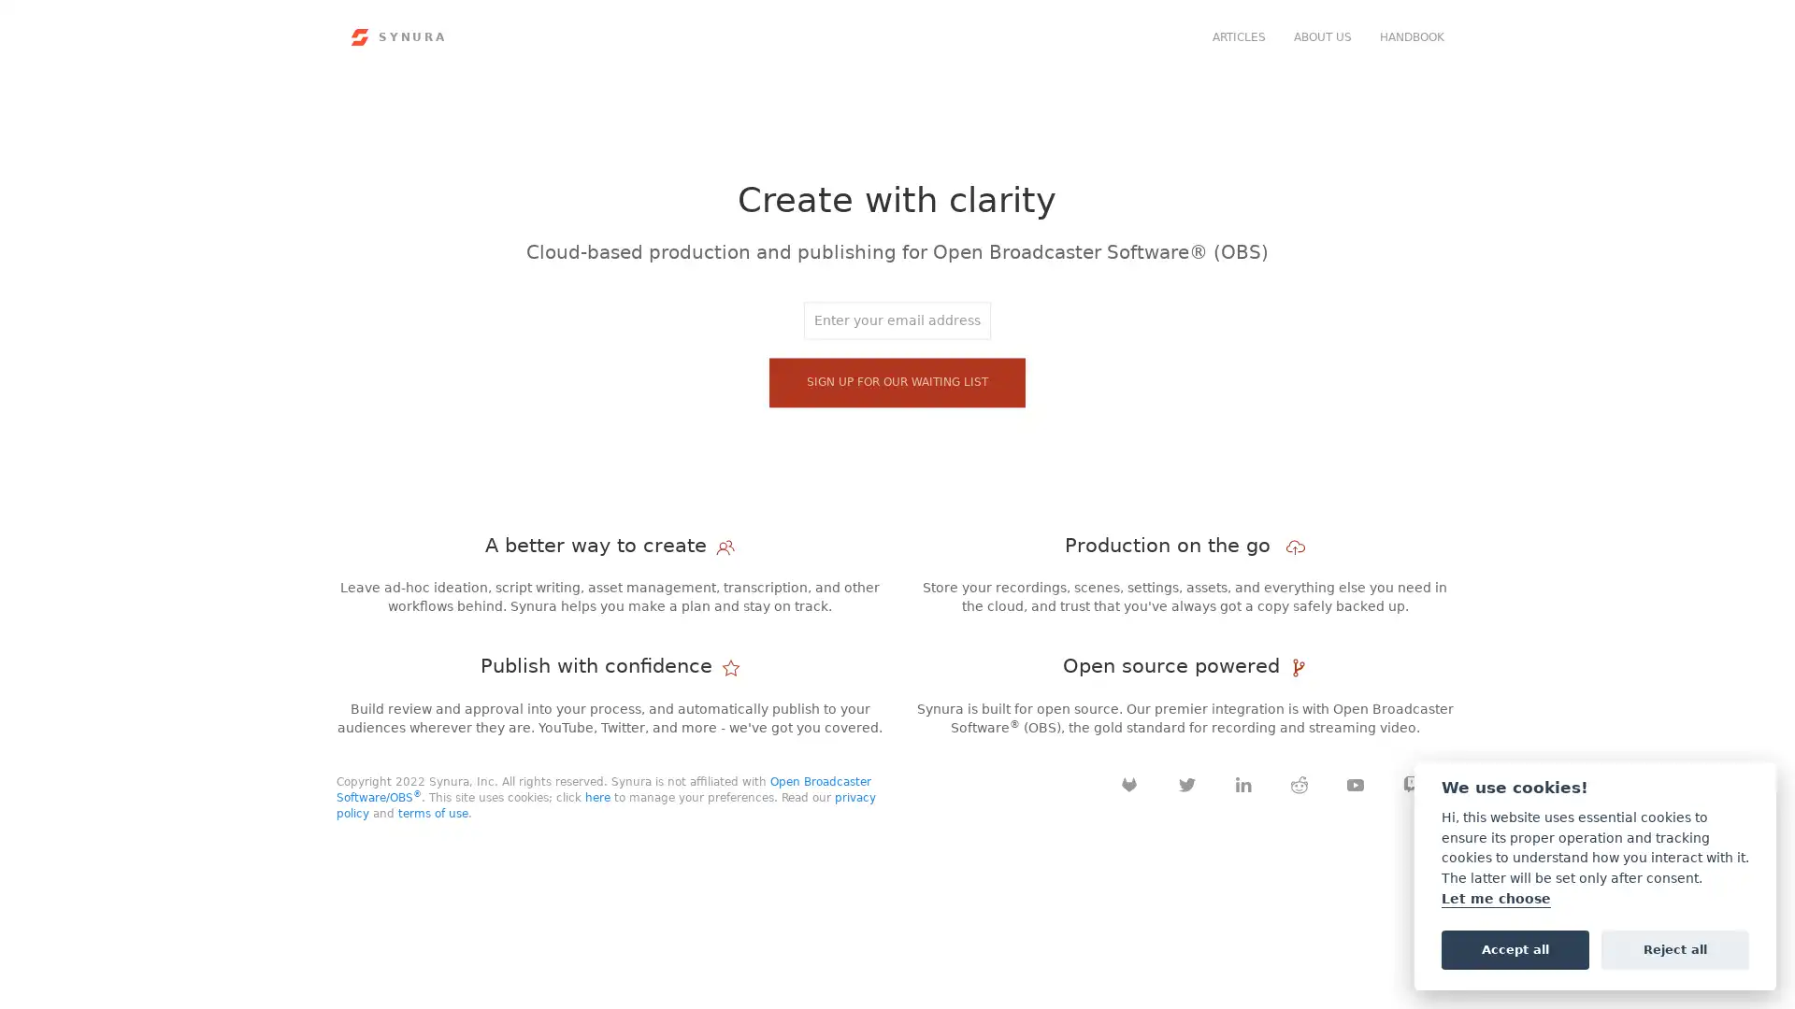 The image size is (1795, 1009). What do you see at coordinates (1515, 948) in the screenshot?
I see `Accept all` at bounding box center [1515, 948].